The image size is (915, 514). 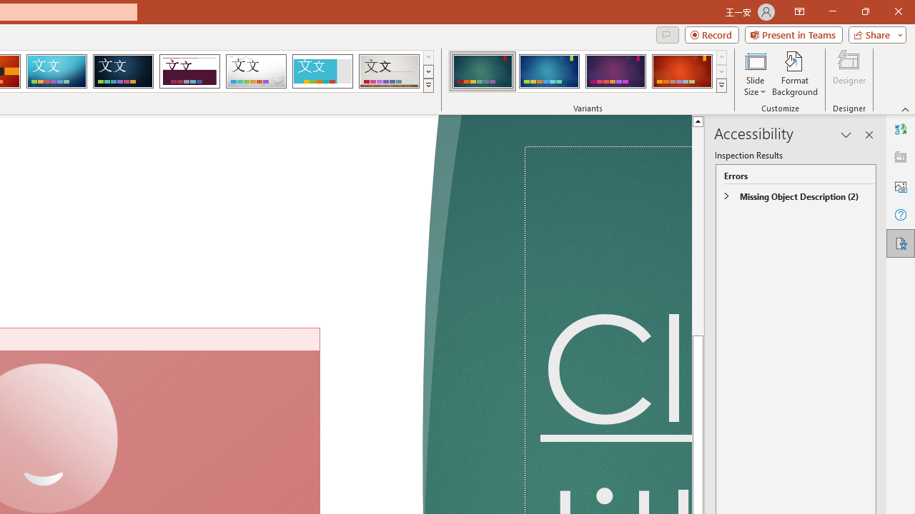 What do you see at coordinates (189, 71) in the screenshot?
I see `'Dividend'` at bounding box center [189, 71].